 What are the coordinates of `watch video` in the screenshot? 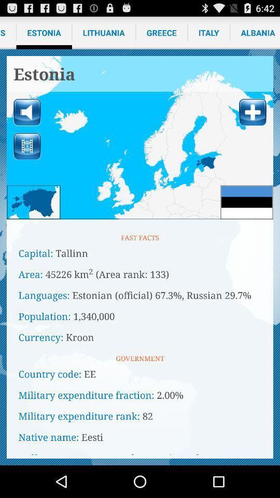 It's located at (27, 146).